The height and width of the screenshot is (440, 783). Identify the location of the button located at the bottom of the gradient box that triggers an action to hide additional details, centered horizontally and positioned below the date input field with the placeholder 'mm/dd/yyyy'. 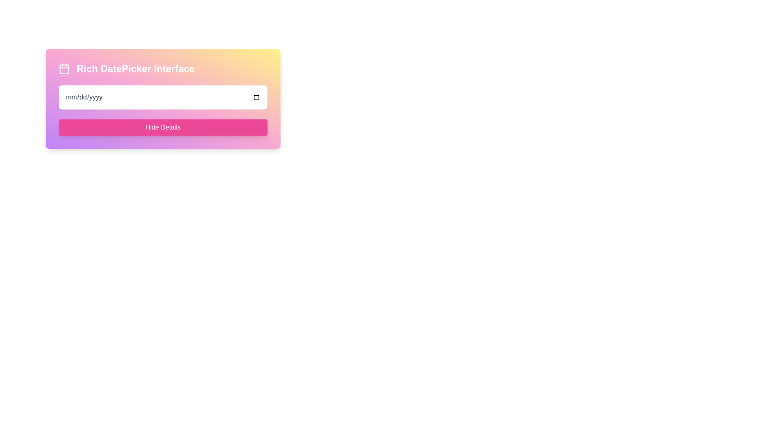
(163, 127).